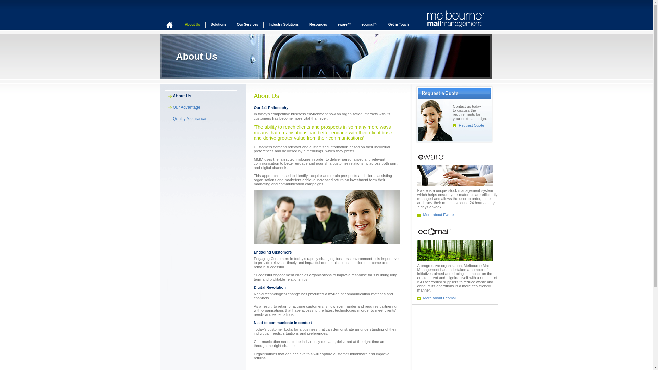 This screenshot has width=658, height=370. What do you see at coordinates (182, 107) in the screenshot?
I see `'Our Advantage'` at bounding box center [182, 107].